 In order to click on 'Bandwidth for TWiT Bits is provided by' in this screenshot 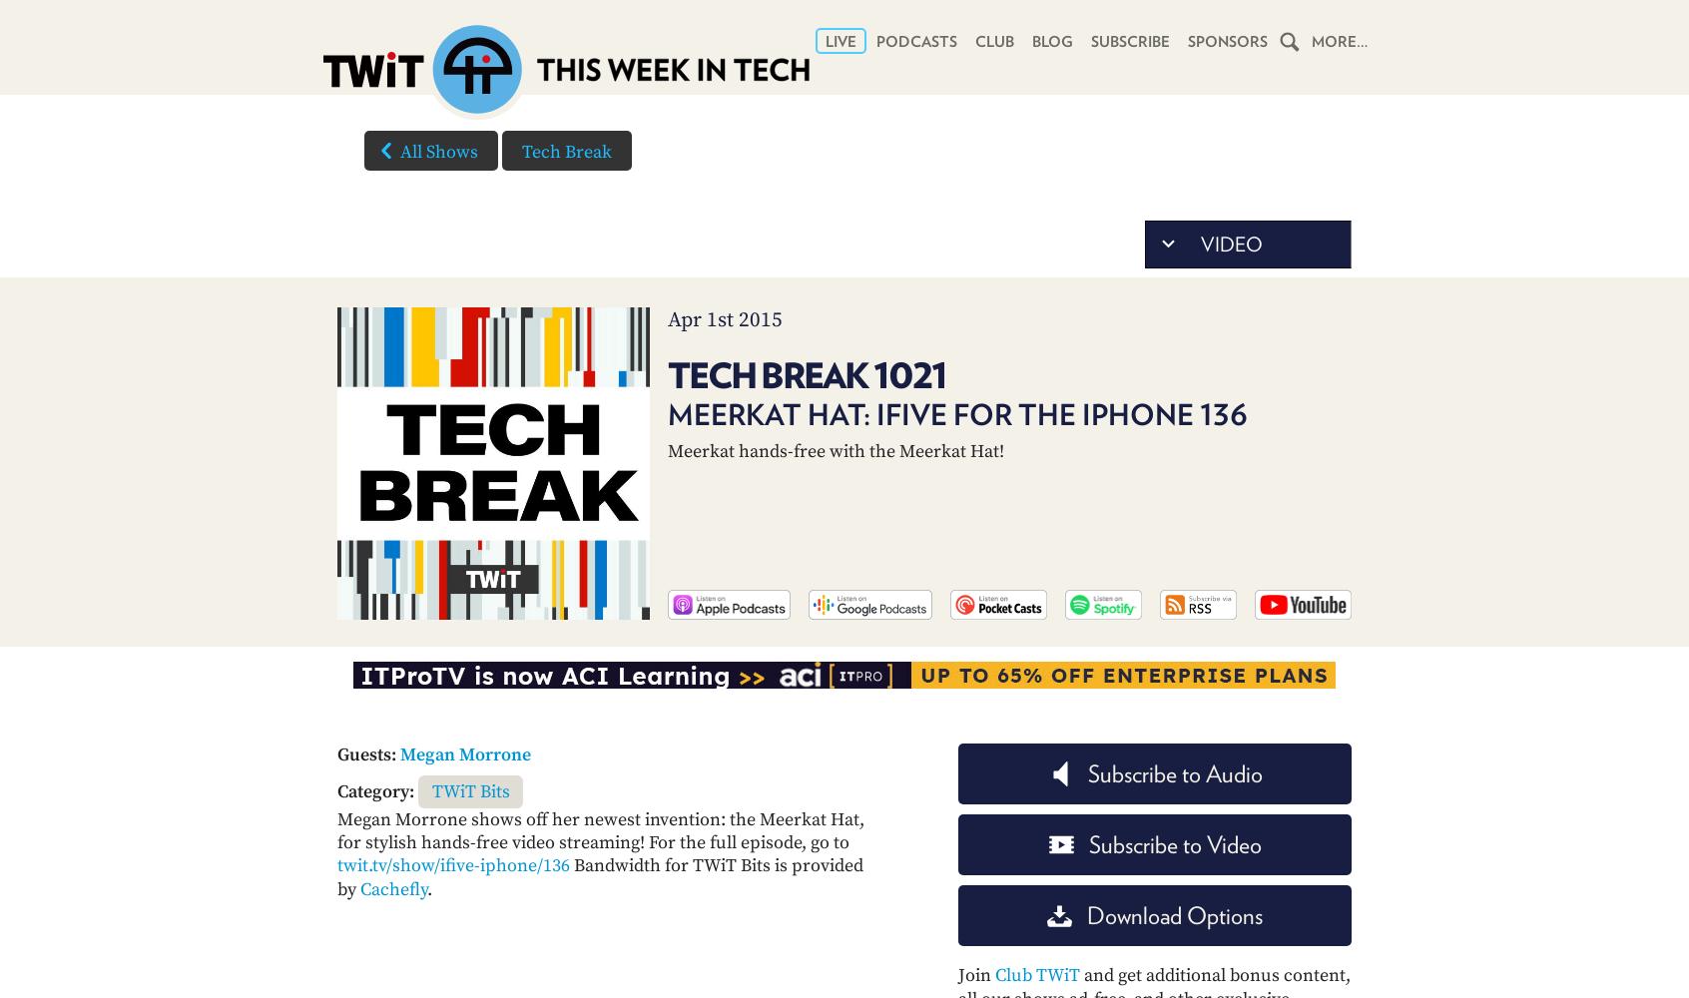, I will do `click(599, 877)`.